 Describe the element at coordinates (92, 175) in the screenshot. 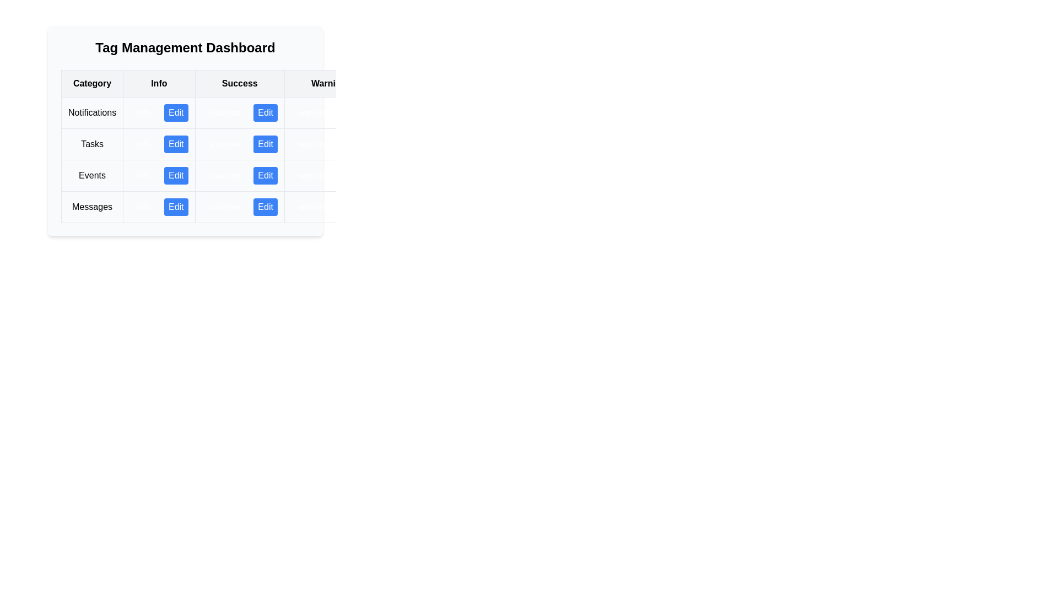

I see `the 'Events' text label, which is the third item in the leftmost column labeled 'Category' in the grid structure, displayed in a medium-weight font within a bordered gray background rectangle` at that location.